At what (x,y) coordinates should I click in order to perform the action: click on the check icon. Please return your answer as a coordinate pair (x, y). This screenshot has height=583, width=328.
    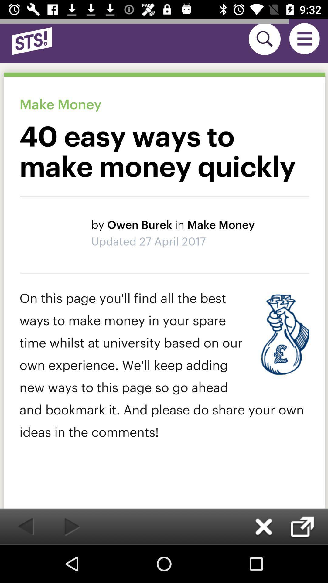
    Looking at the image, I should click on (309, 526).